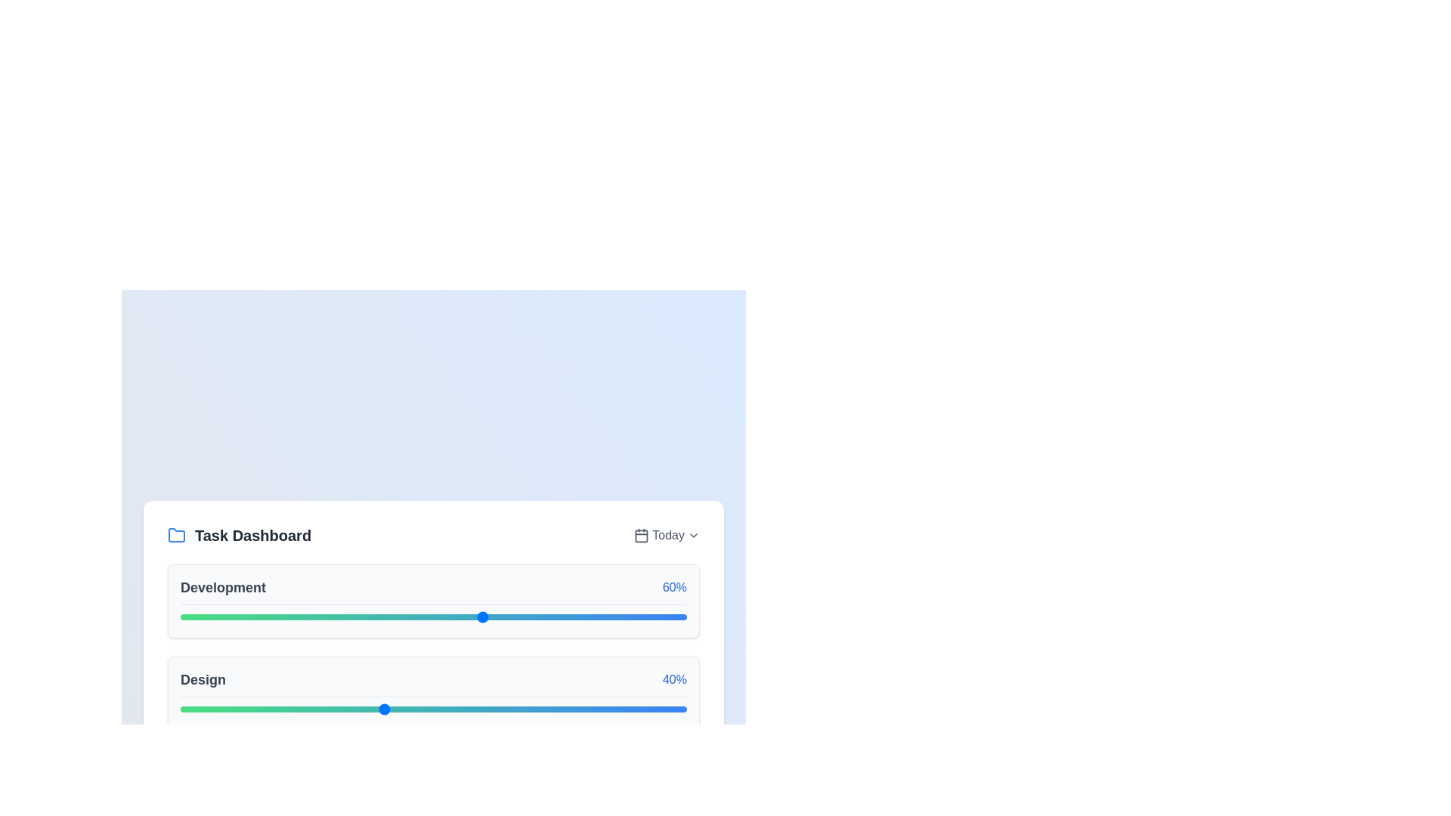 This screenshot has width=1451, height=816. What do you see at coordinates (326, 617) in the screenshot?
I see `the development progress` at bounding box center [326, 617].